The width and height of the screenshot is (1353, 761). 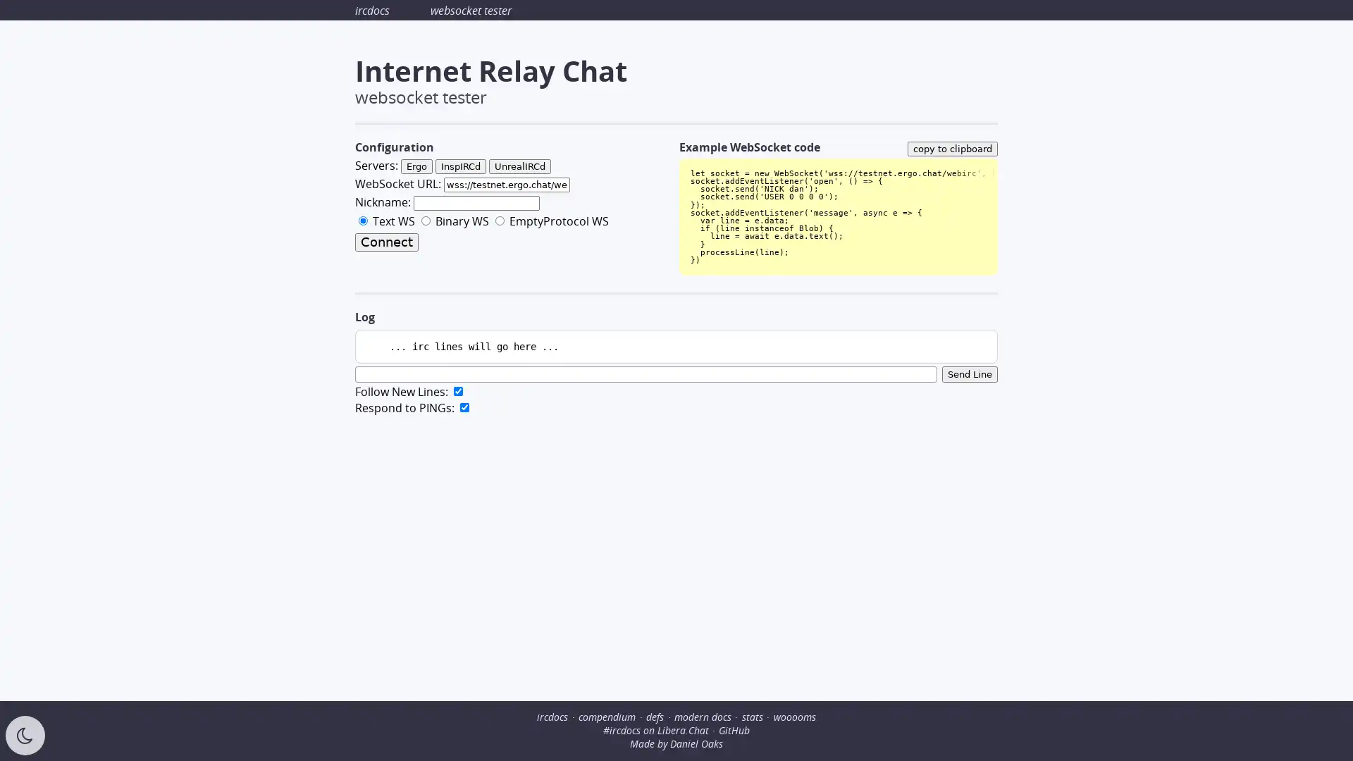 I want to click on Connect, so click(x=386, y=241).